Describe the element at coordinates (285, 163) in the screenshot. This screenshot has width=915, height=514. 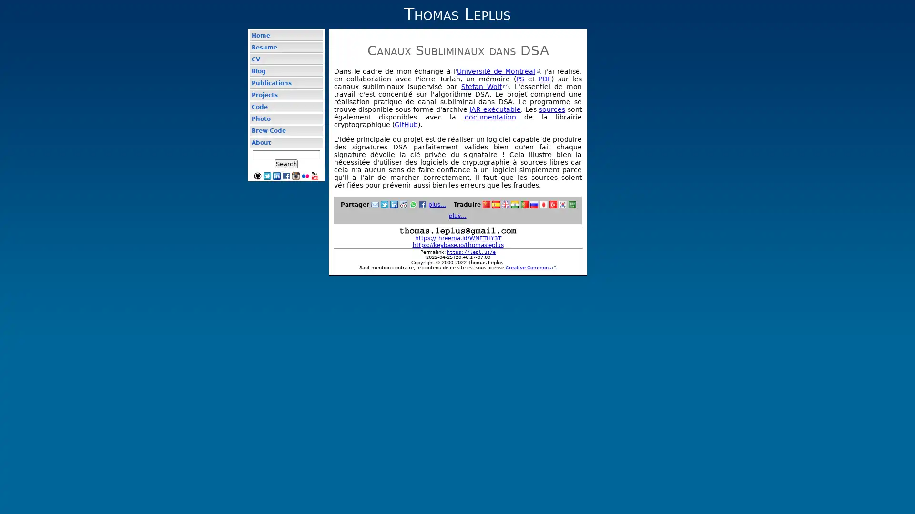
I see `Search` at that location.